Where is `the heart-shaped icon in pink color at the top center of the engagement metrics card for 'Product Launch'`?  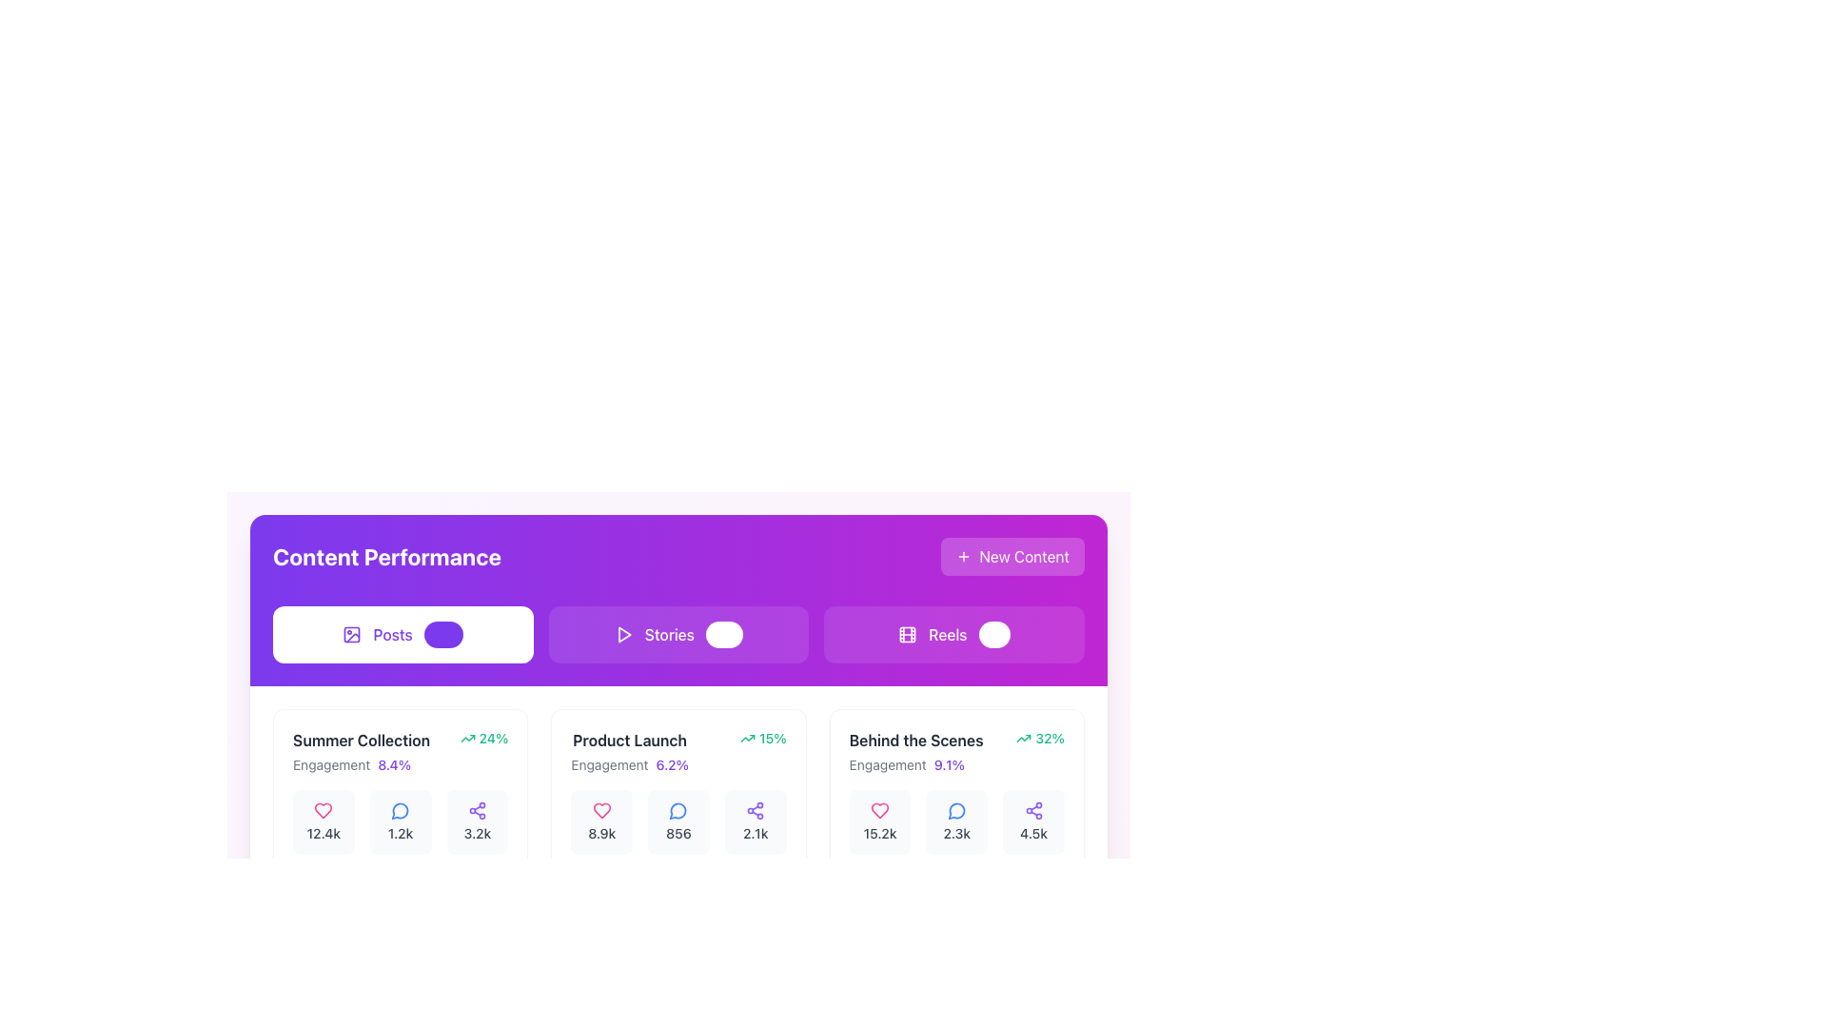
the heart-shaped icon in pink color at the top center of the engagement metrics card for 'Product Launch' is located at coordinates (600, 811).